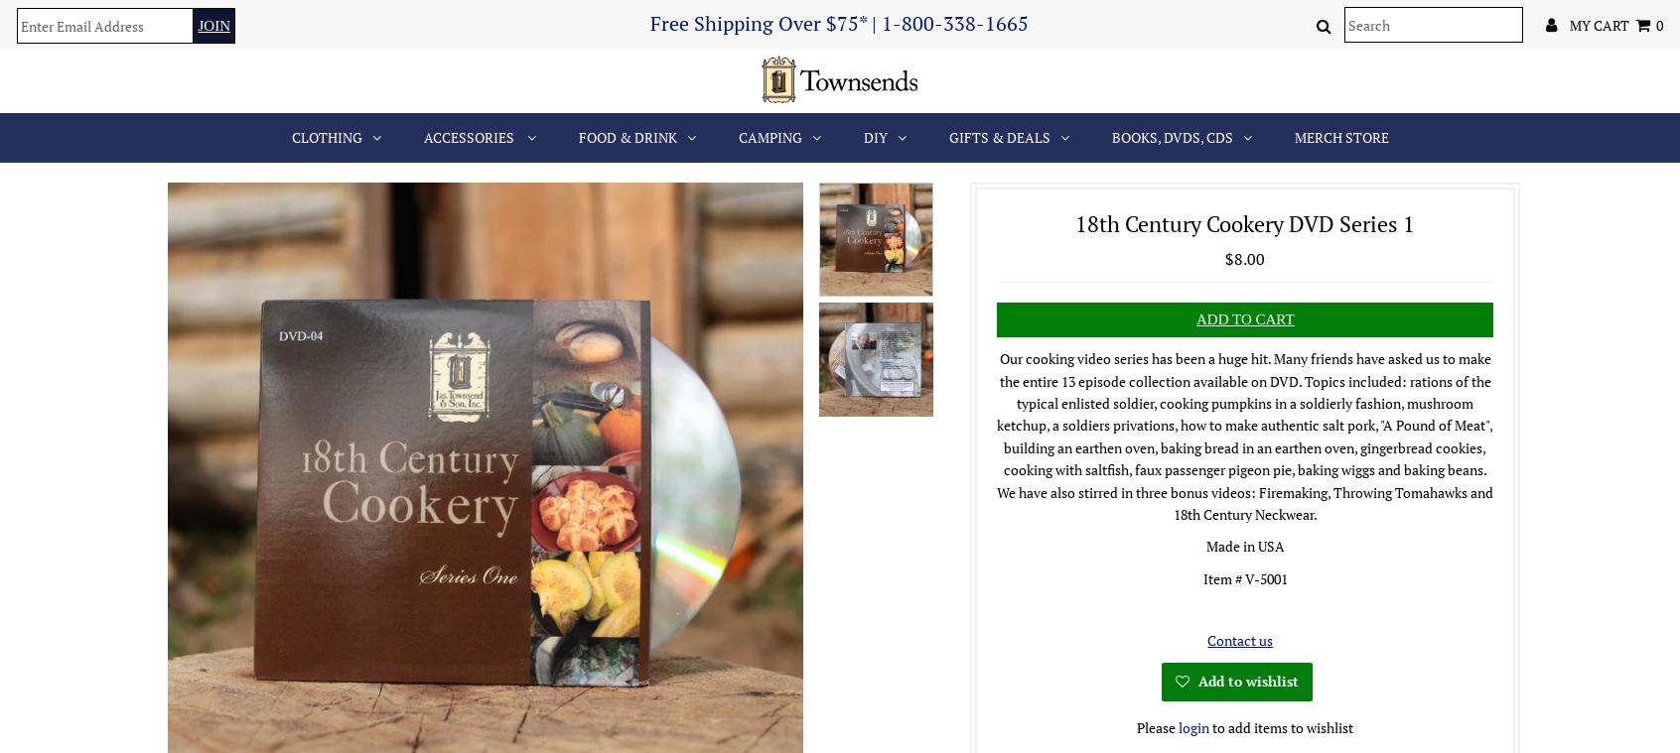  What do you see at coordinates (626, 136) in the screenshot?
I see `'Food & Drink'` at bounding box center [626, 136].